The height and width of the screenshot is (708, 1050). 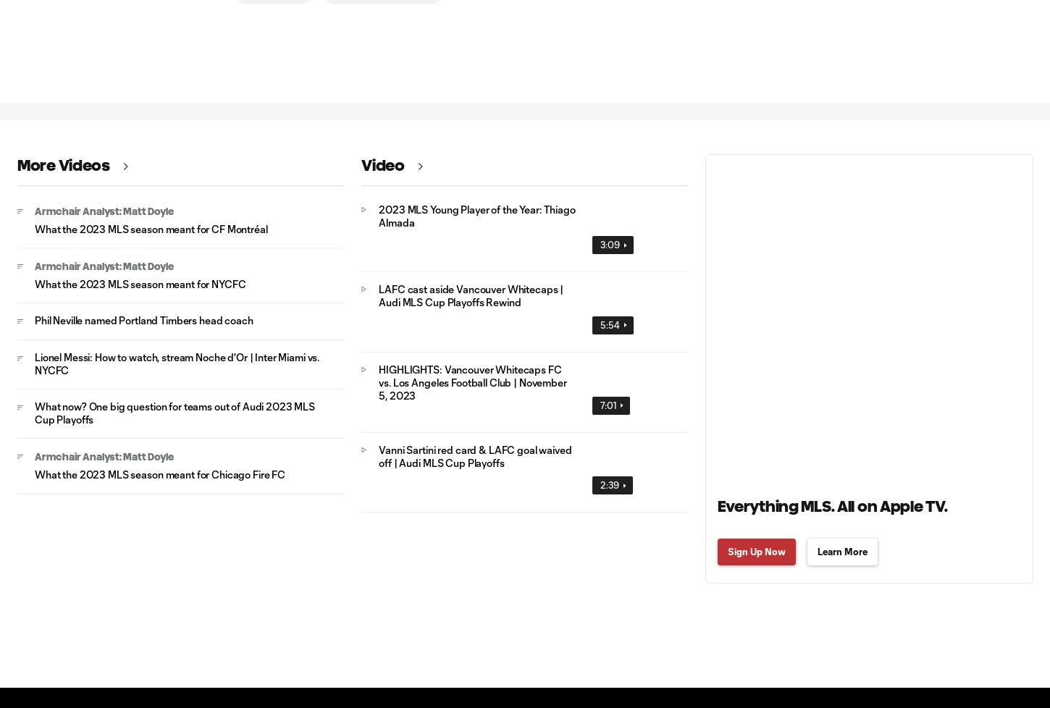 I want to click on 'HIGHLIGHTS: Vancouver Whitecaps FC vs. Los Angeles Football Club | November 5, 2023', so click(x=379, y=382).